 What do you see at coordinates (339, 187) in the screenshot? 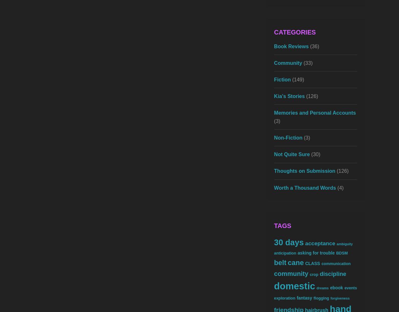
I see `'(4)'` at bounding box center [339, 187].